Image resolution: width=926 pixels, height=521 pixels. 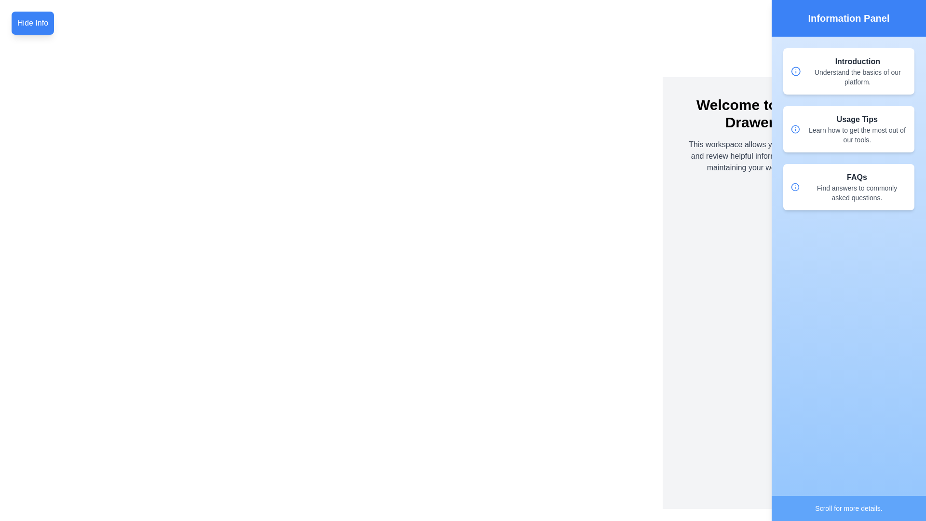 I want to click on the informational icon located to the left of the 'Usage Tips' title text in the 'Information Panel' section, so click(x=795, y=128).